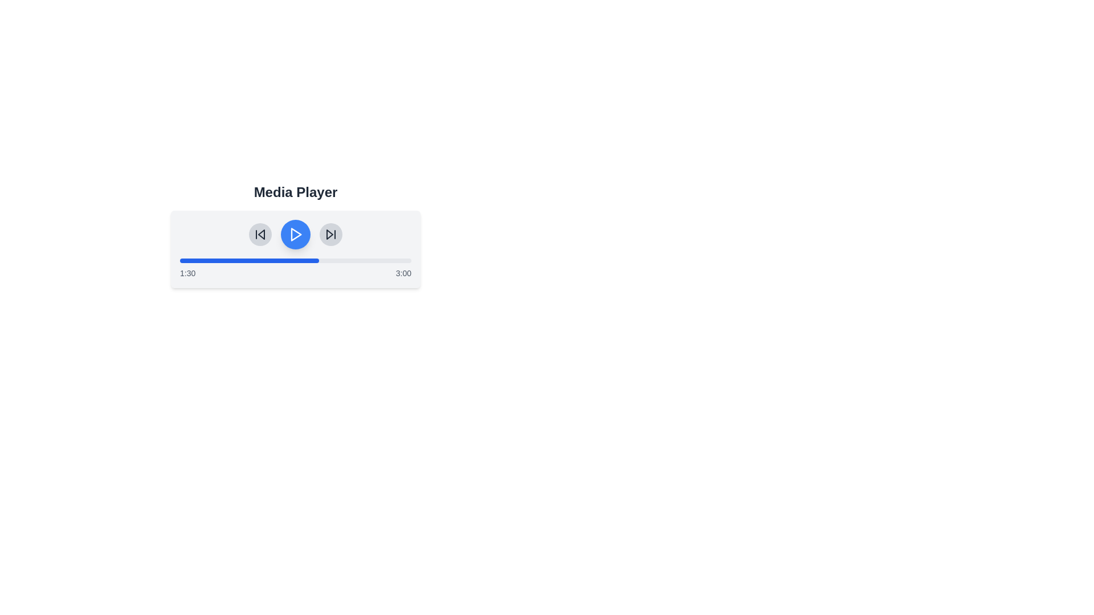  What do you see at coordinates (248, 261) in the screenshot?
I see `the visually distinct progress bar segment, which is a horizontally elongated blue rectangle with rounded ends, indicating approximately 60% progress in the media player interface` at bounding box center [248, 261].